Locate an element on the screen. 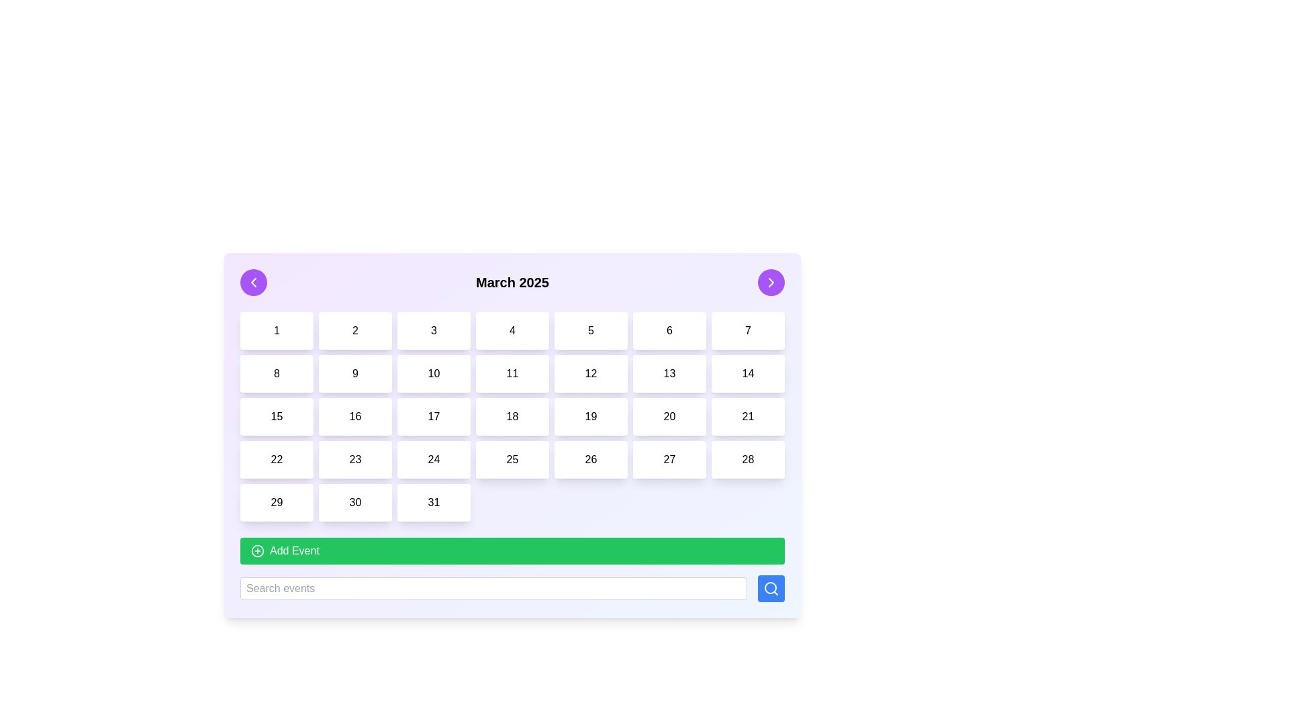 This screenshot has height=725, width=1289. the rectangular button displaying the text '20' located in the calendar grid, which is the sixth day in the third row is located at coordinates (669, 416).